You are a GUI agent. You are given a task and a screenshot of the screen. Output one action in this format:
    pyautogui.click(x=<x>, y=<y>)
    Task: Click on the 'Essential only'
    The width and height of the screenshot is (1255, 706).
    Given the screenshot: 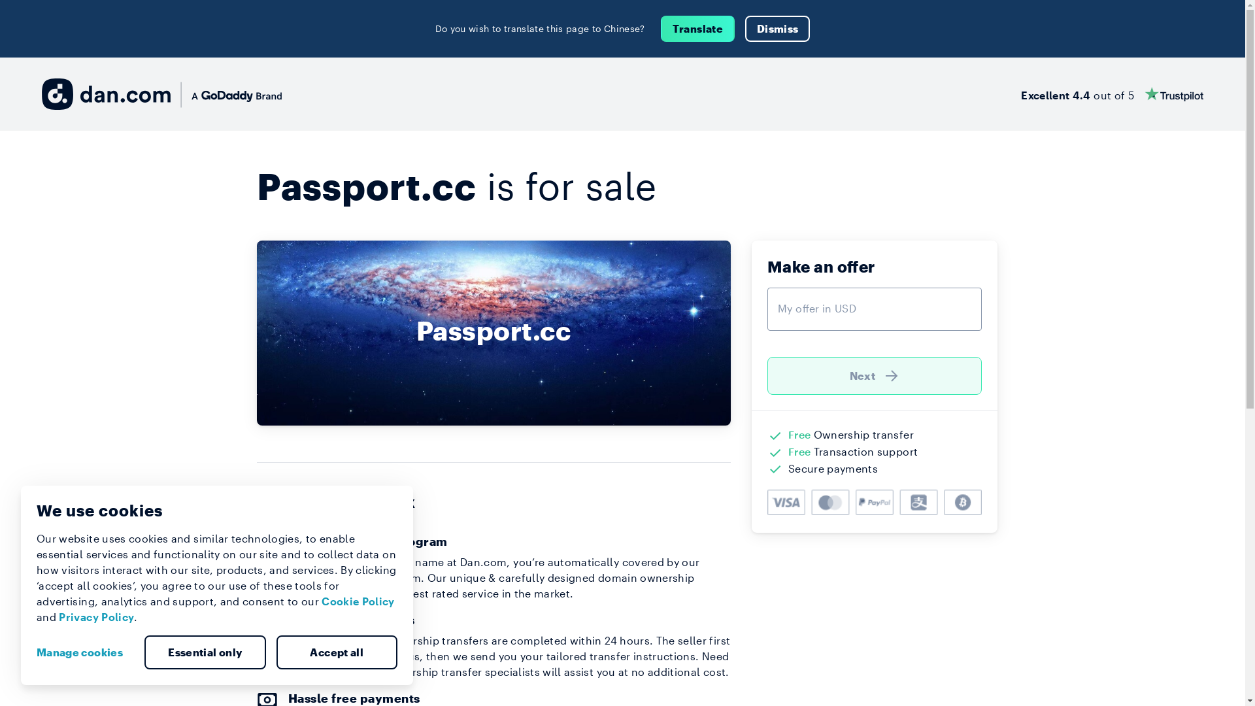 What is the action you would take?
    pyautogui.click(x=204, y=652)
    